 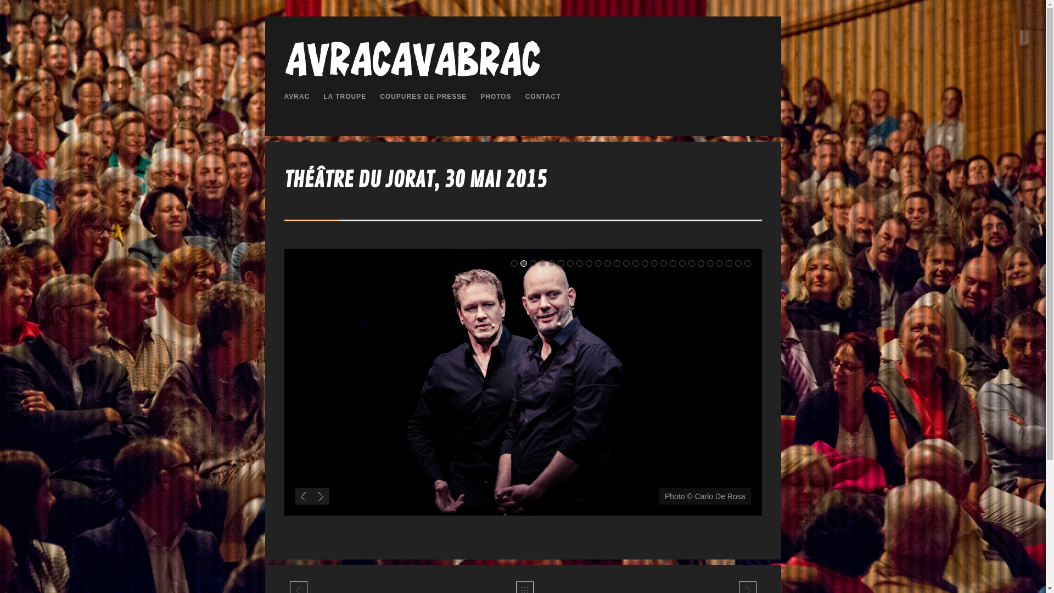 What do you see at coordinates (542, 263) in the screenshot?
I see `'4'` at bounding box center [542, 263].